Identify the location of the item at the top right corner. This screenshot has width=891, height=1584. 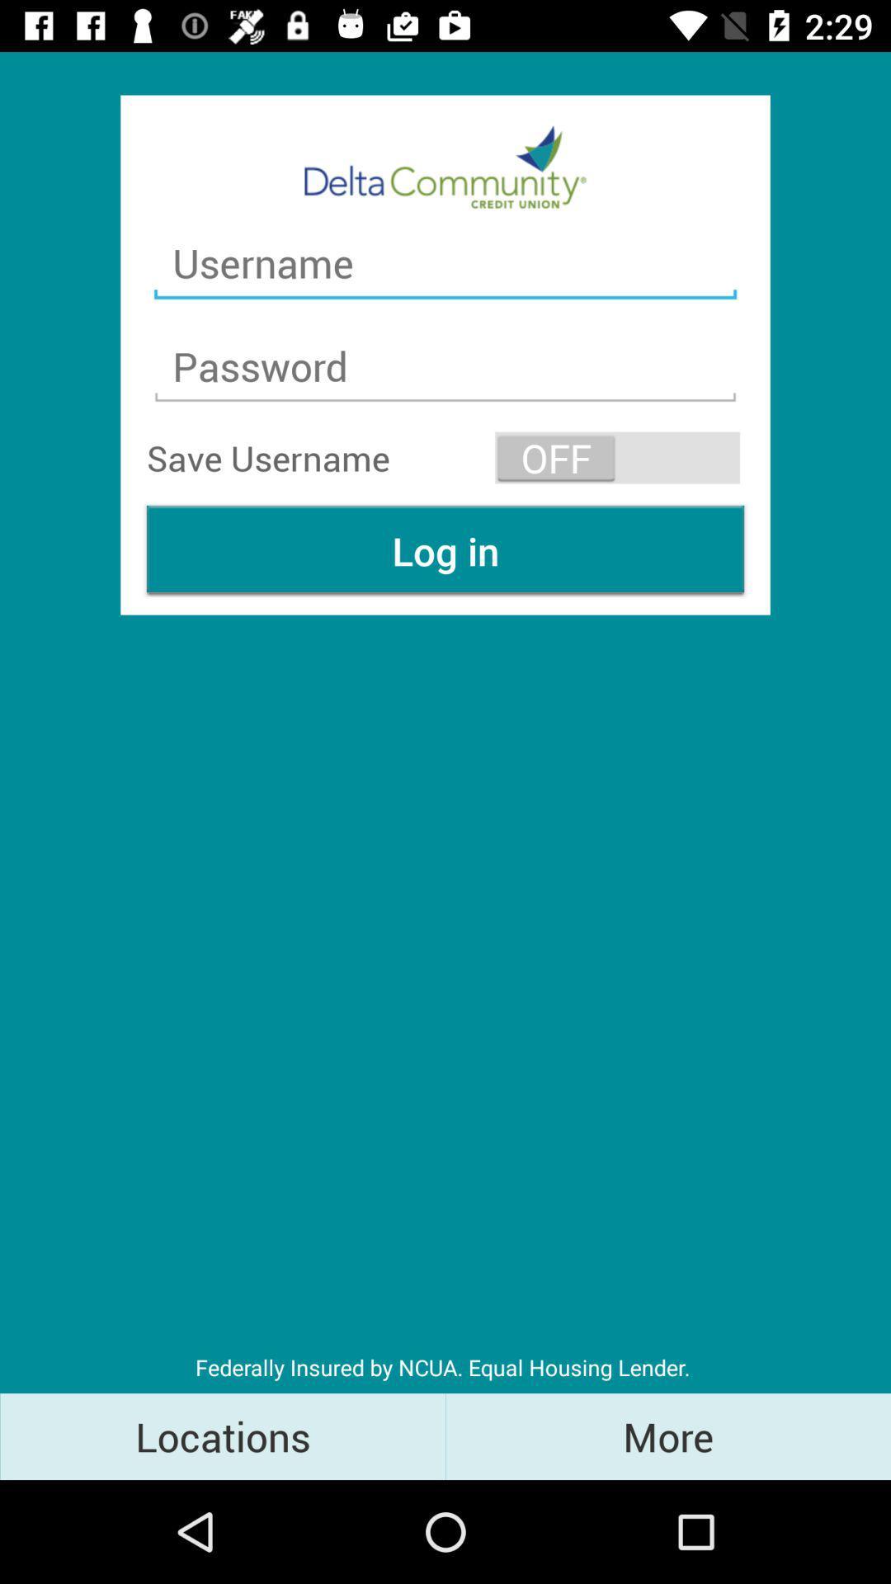
(617, 458).